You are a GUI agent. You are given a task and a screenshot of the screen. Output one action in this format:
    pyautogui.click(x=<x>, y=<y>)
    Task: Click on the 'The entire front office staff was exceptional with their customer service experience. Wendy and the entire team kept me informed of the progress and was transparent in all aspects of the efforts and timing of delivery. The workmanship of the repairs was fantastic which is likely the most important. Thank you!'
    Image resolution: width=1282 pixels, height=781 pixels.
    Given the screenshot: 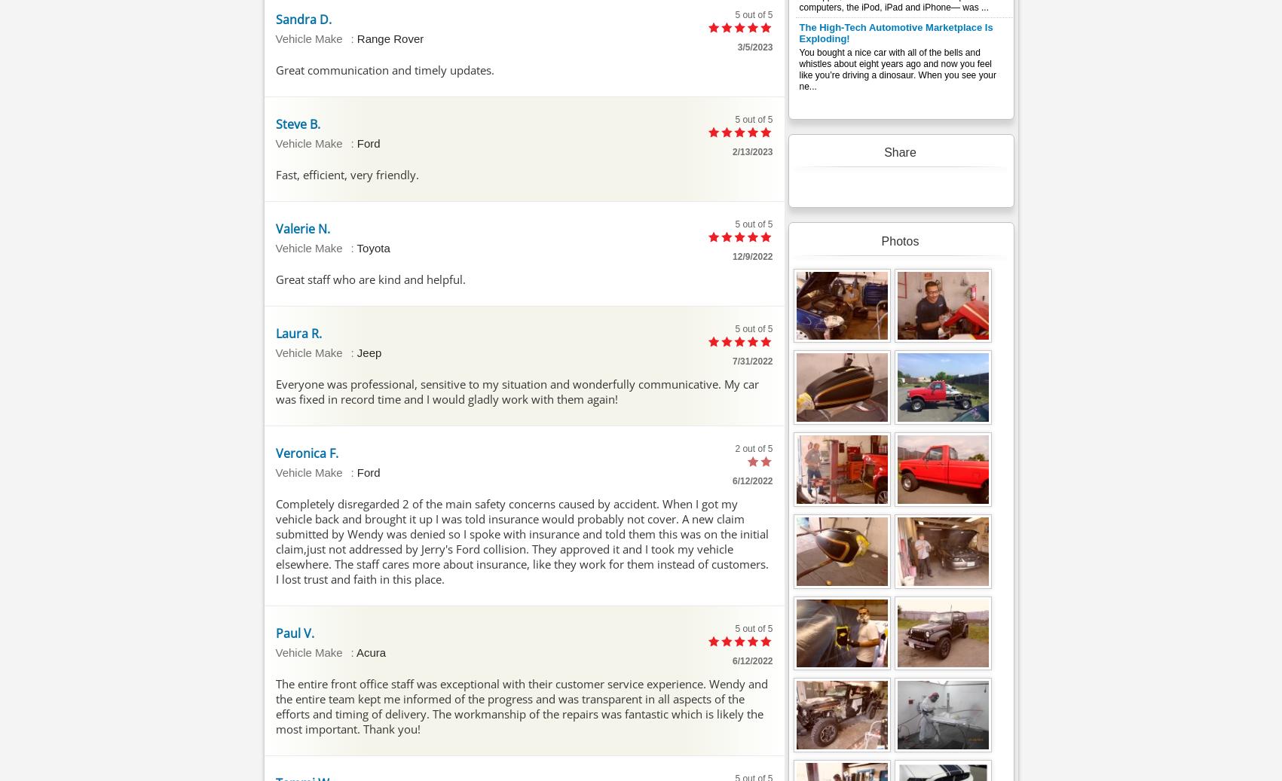 What is the action you would take?
    pyautogui.click(x=520, y=706)
    